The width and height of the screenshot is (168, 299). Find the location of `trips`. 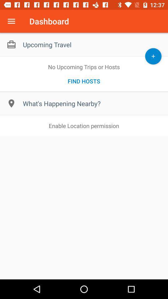

trips is located at coordinates (153, 56).